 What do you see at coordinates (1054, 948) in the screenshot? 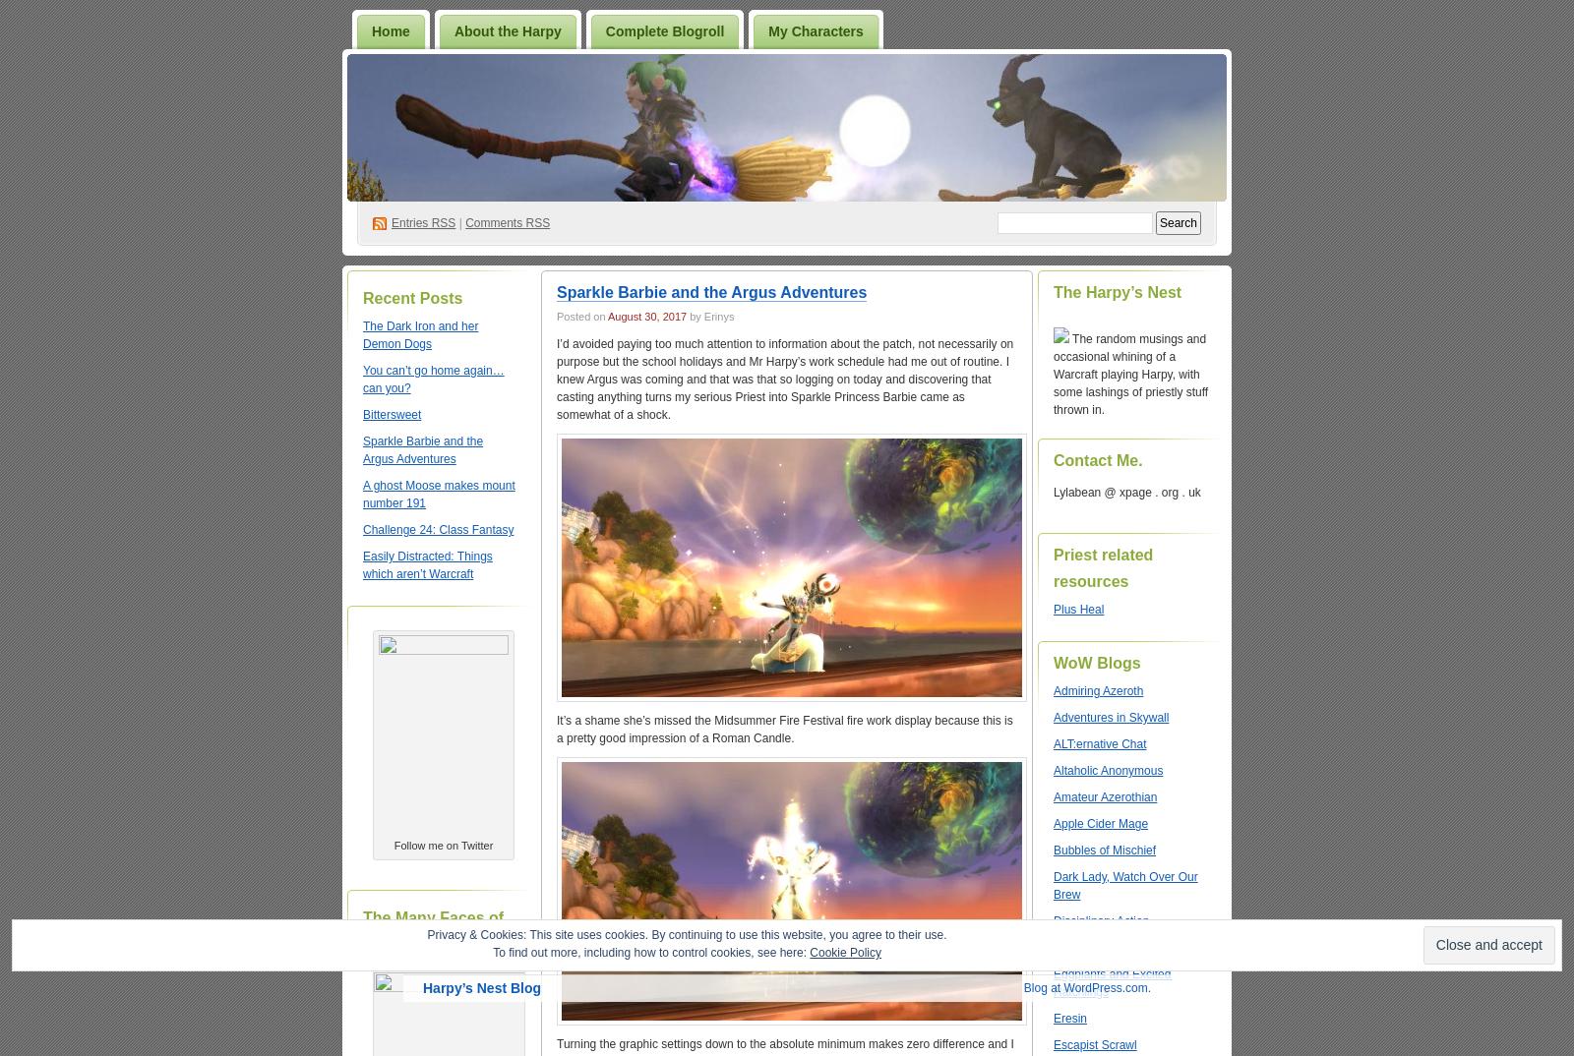
I see `'ECTmmo'` at bounding box center [1054, 948].